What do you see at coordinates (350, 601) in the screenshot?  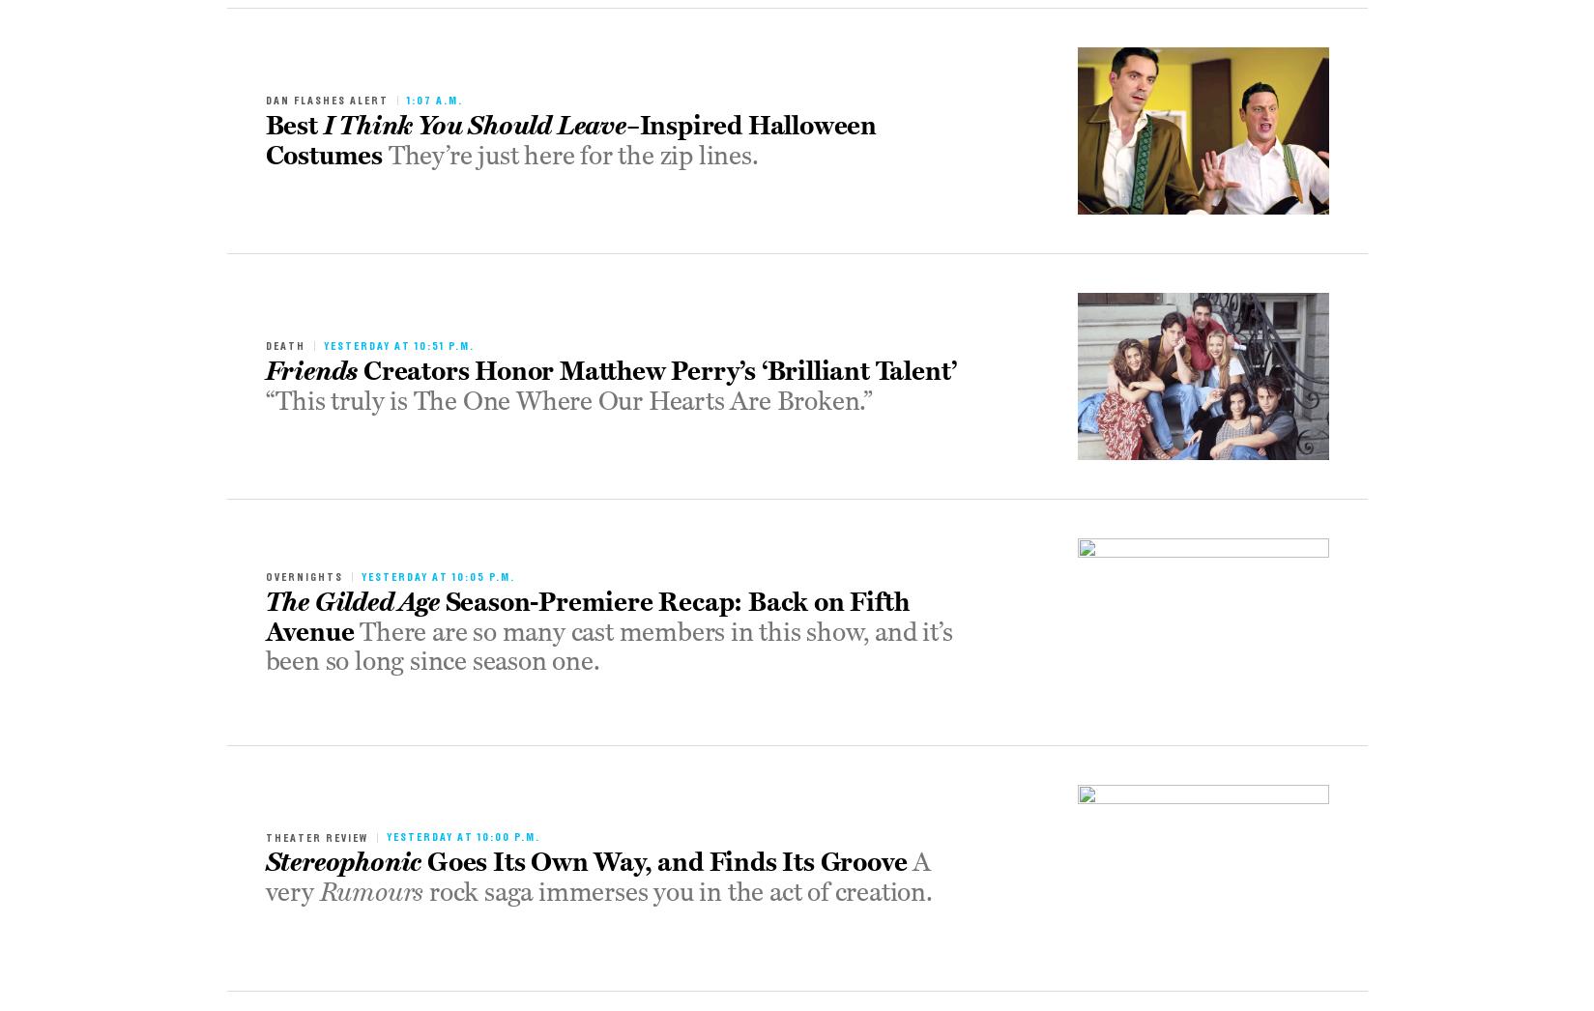 I see `'The Gilded Age'` at bounding box center [350, 601].